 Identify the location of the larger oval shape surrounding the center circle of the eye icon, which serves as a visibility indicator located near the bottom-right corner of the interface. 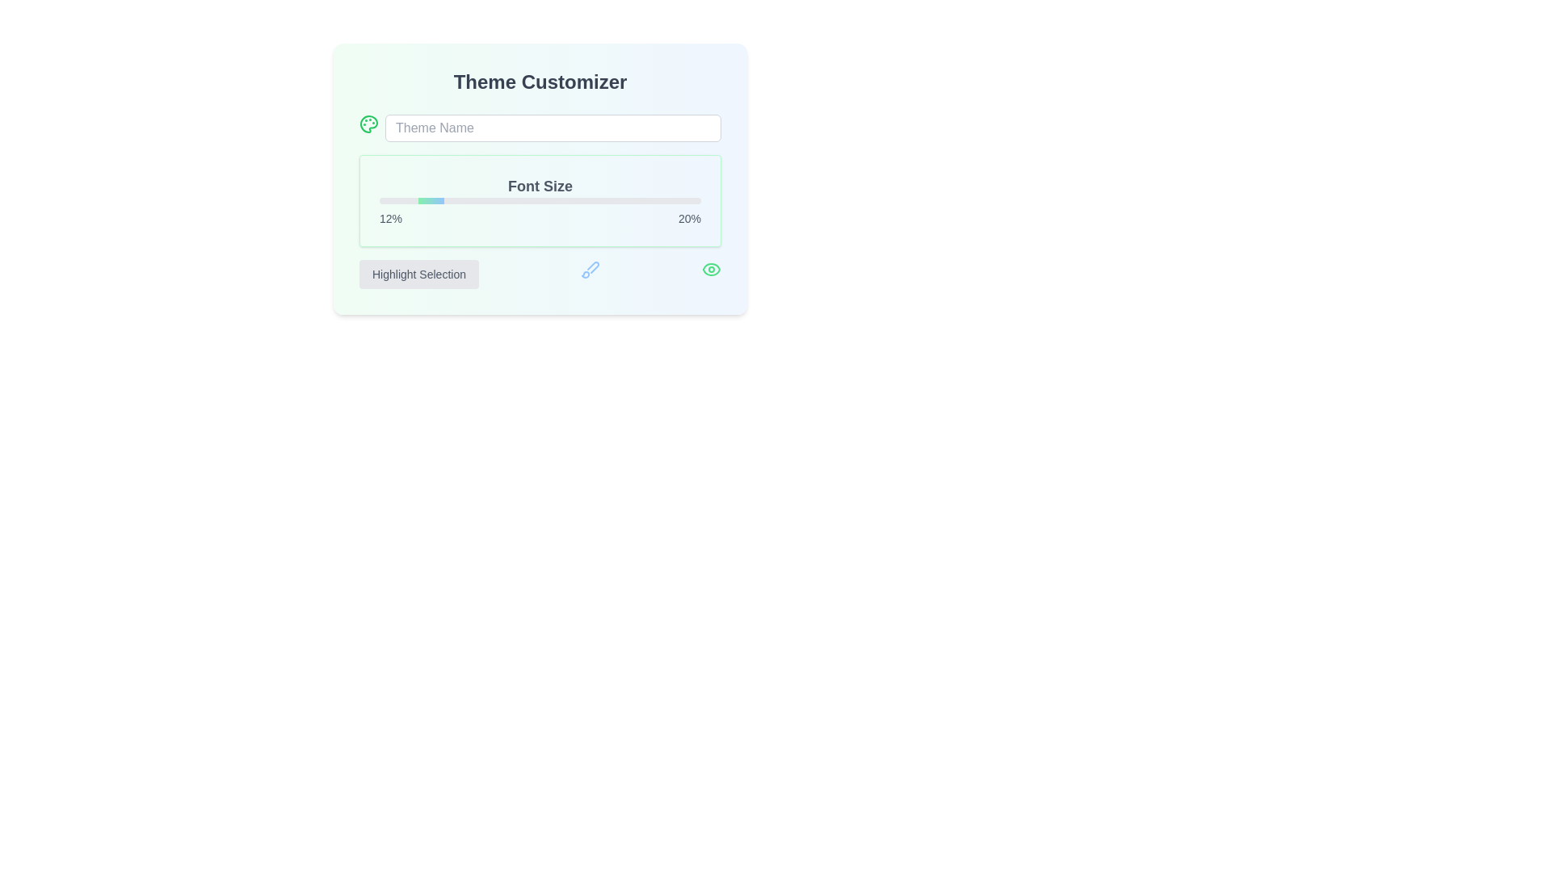
(711, 269).